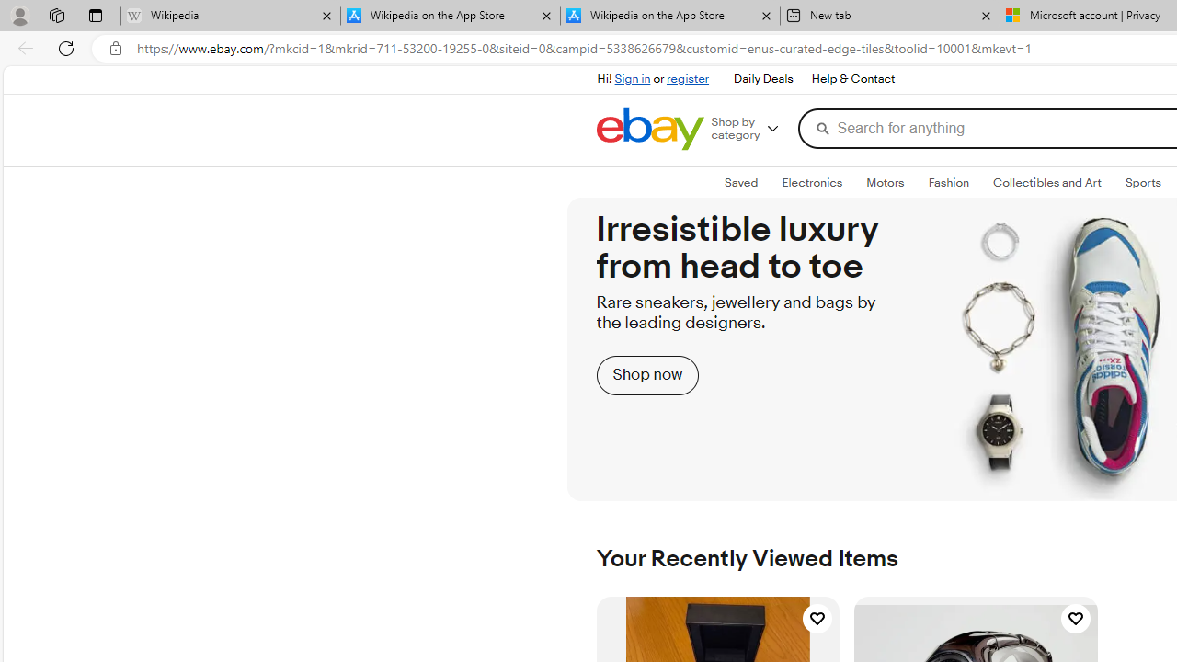 This screenshot has width=1177, height=662. Describe the element at coordinates (649, 128) in the screenshot. I see `'eBay Home'` at that location.